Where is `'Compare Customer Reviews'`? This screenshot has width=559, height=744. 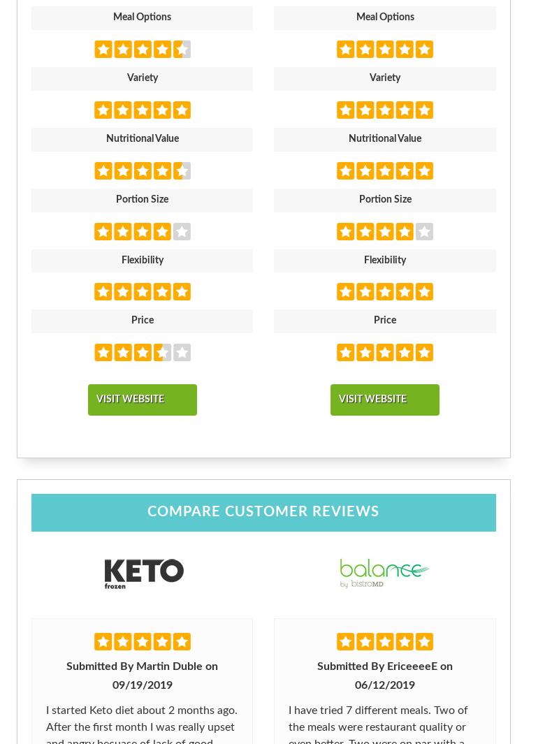
'Compare Customer Reviews' is located at coordinates (262, 512).